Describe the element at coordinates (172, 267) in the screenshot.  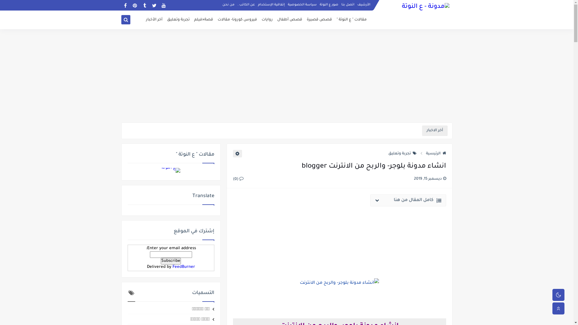
I see `'FeedBurner'` at that location.